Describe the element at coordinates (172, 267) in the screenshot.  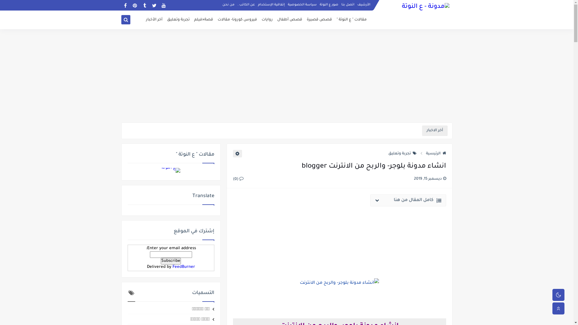
I see `'FeedBurner'` at that location.